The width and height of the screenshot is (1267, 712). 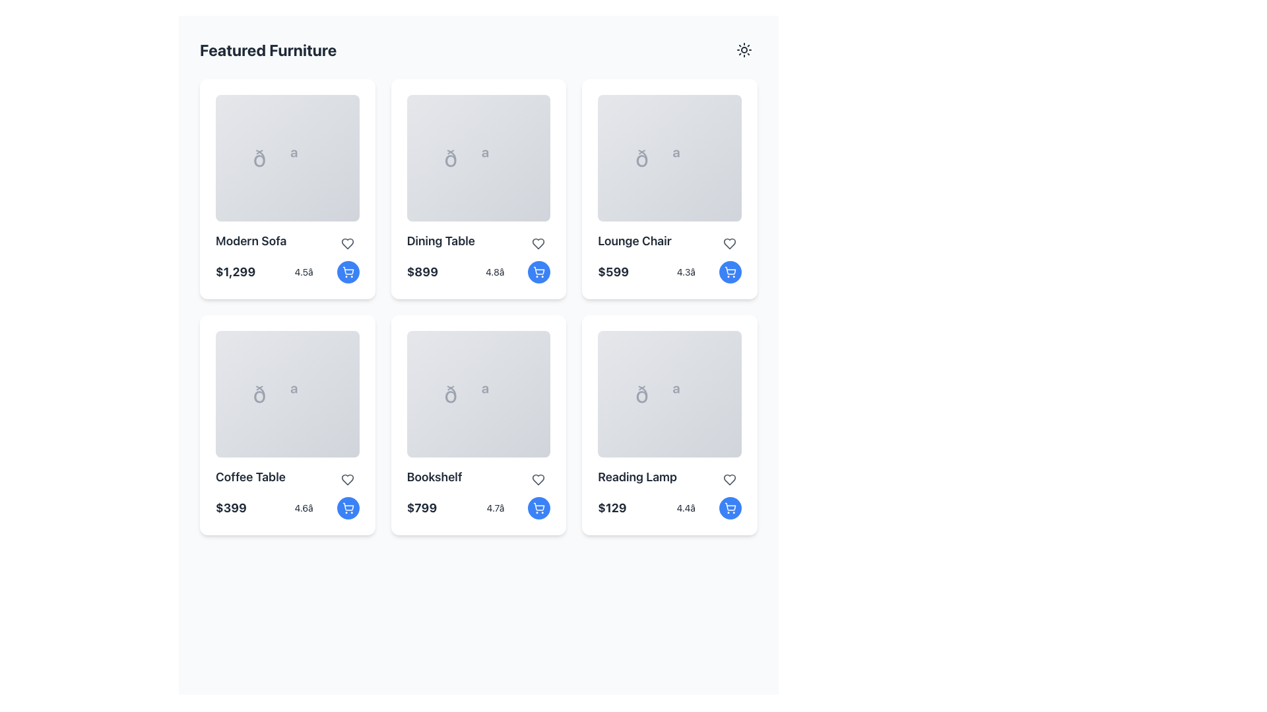 I want to click on the decorative icon representing the 'Reading Lamp' item located in the bottom-right card of the grid, so click(x=670, y=393).